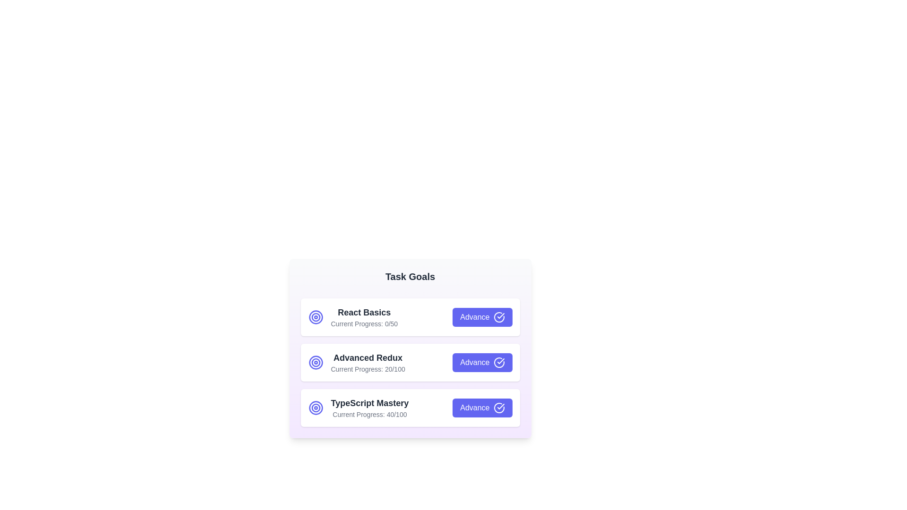  What do you see at coordinates (498, 408) in the screenshot?
I see `the circular checkmark icon inside the 'Advance' button in the 'TypeScript Mastery' section, which is located on the far right of the button` at bounding box center [498, 408].